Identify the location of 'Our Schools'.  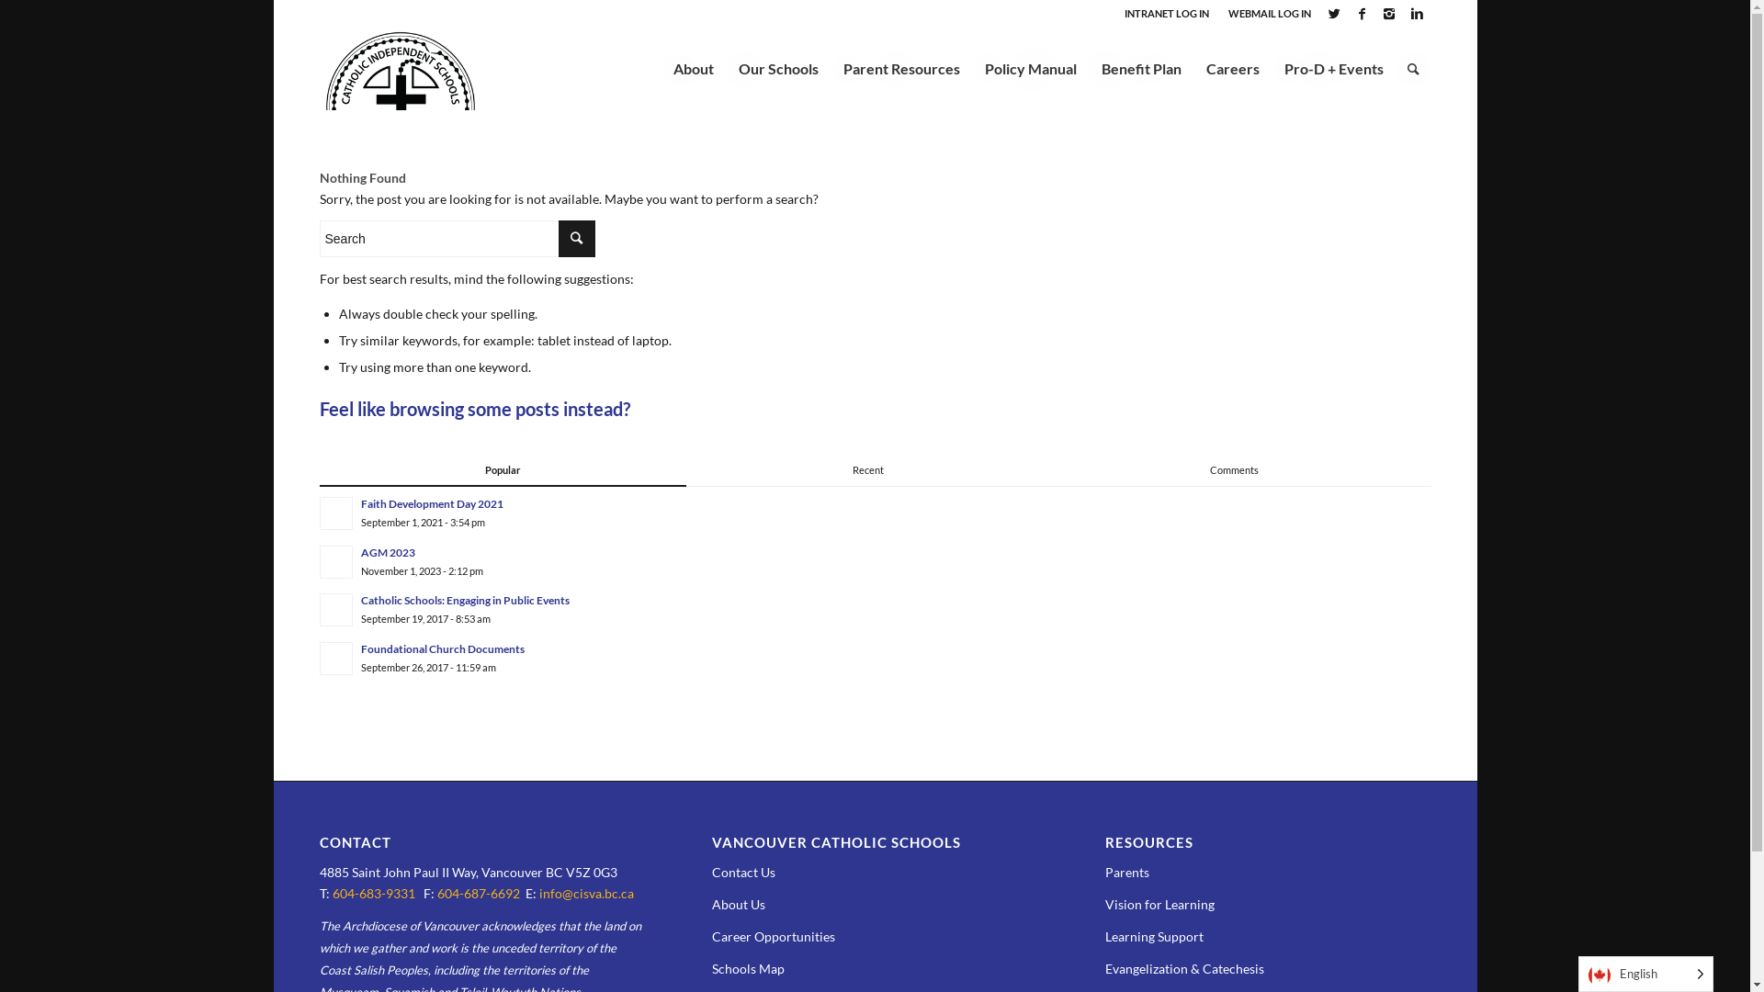
(777, 67).